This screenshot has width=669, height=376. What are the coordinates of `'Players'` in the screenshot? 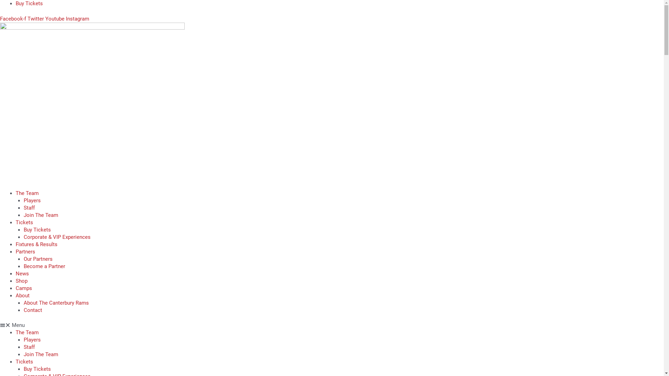 It's located at (32, 200).